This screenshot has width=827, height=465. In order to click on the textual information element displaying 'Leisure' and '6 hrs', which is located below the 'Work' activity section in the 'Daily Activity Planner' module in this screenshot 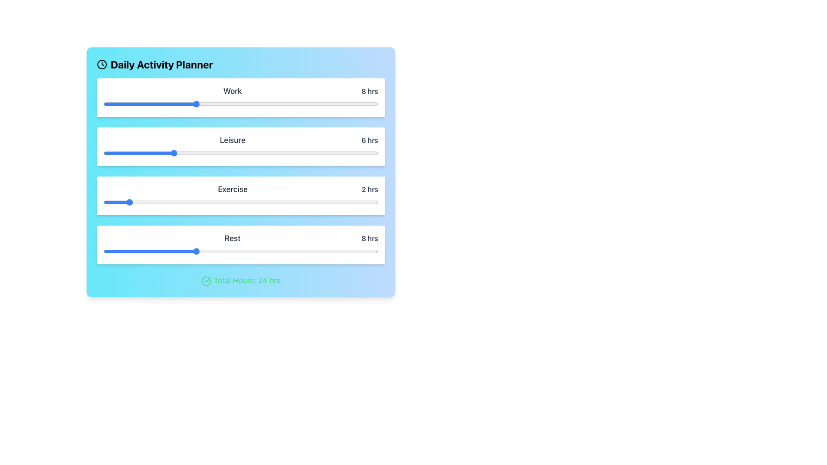, I will do `click(241, 140)`.